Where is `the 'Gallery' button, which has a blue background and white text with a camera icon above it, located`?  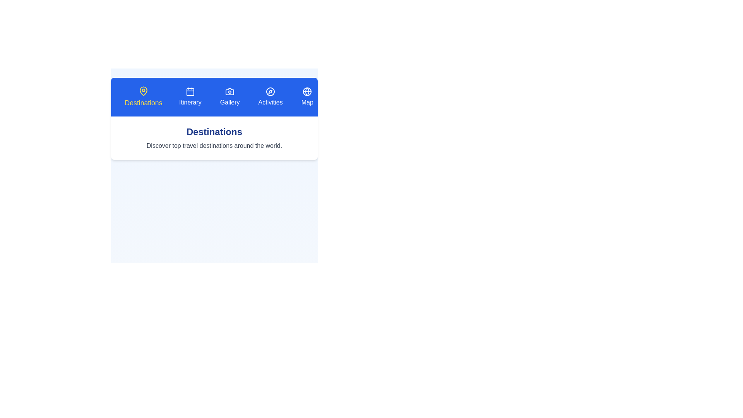
the 'Gallery' button, which has a blue background and white text with a camera icon above it, located is located at coordinates (229, 96).